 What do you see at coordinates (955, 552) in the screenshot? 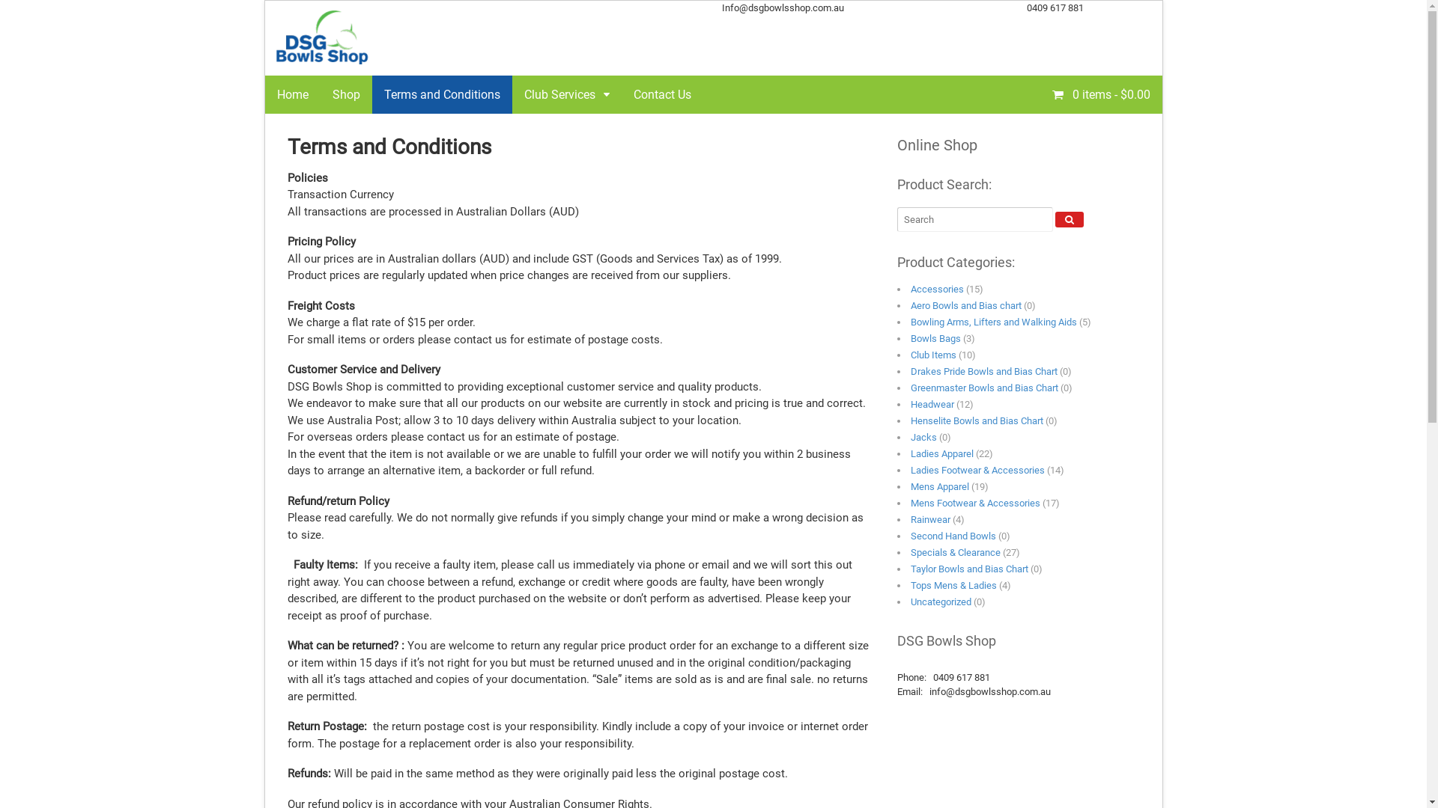
I see `'Specials & Clearance'` at bounding box center [955, 552].